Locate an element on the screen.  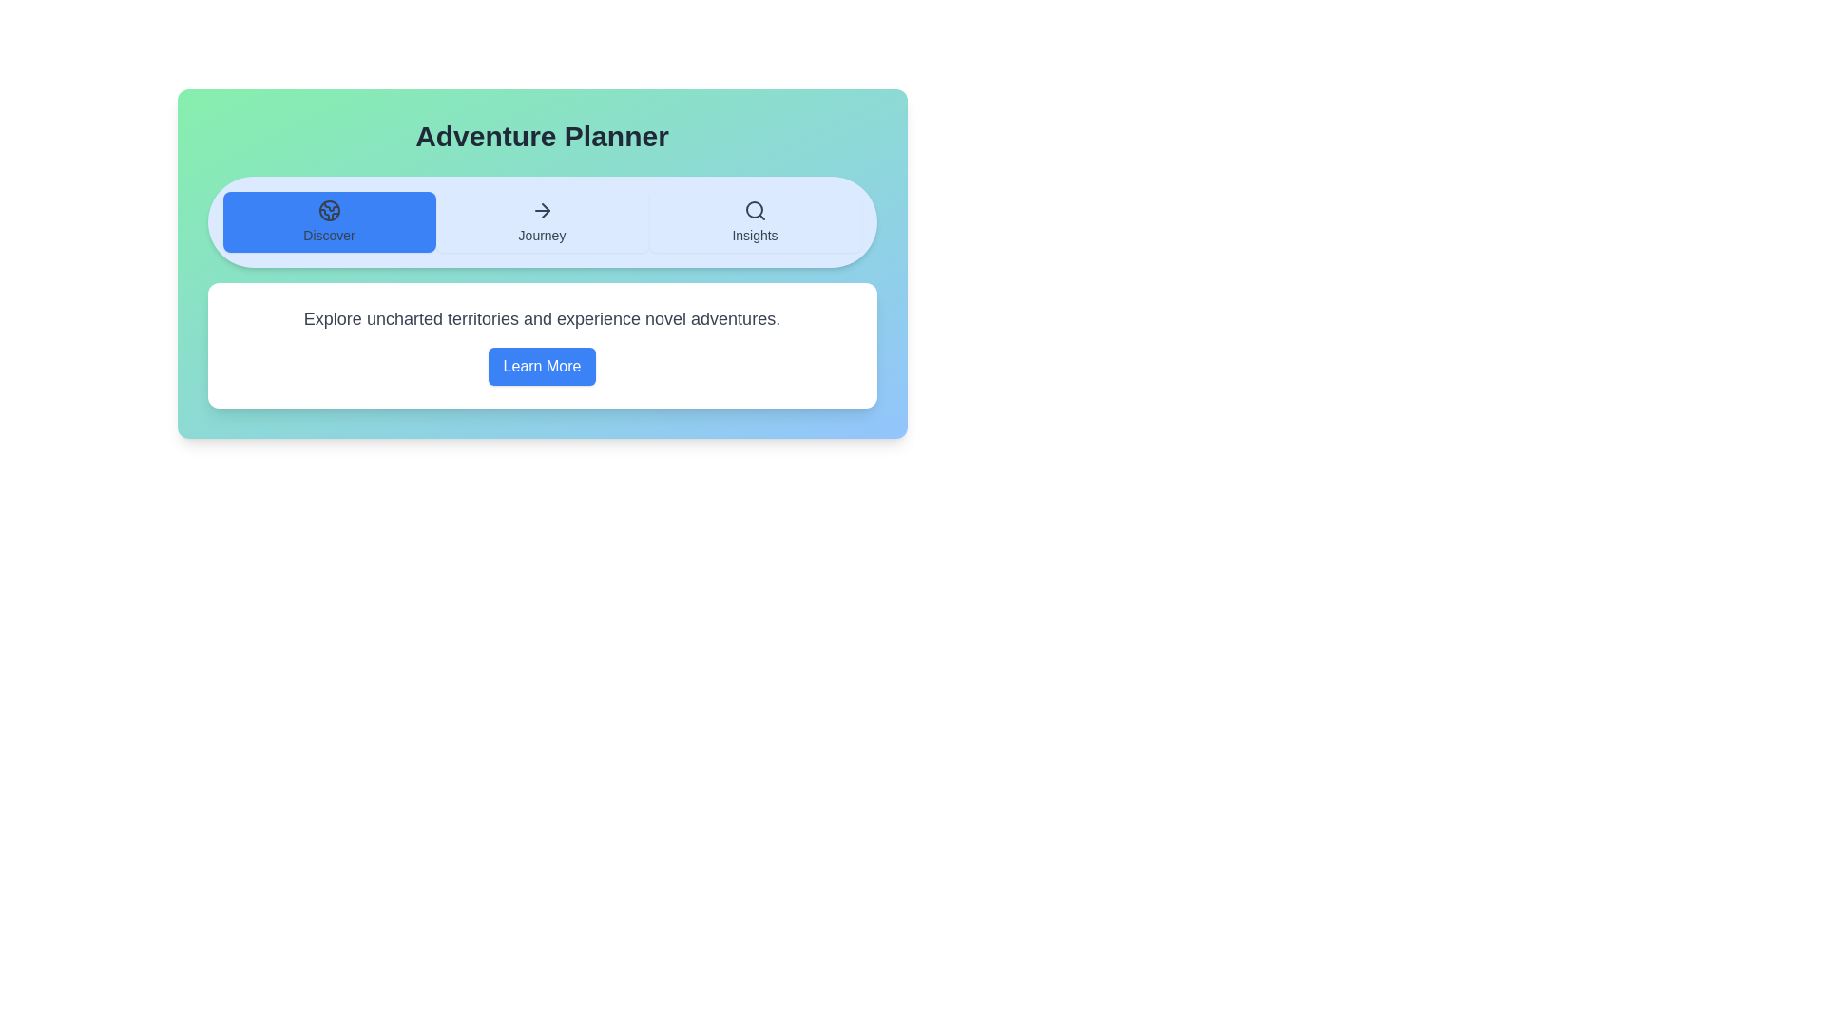
the button labeled 'Insights', which is the third button from the left with a circular search icon and a light blue background, to trigger hover effects is located at coordinates (754, 221).